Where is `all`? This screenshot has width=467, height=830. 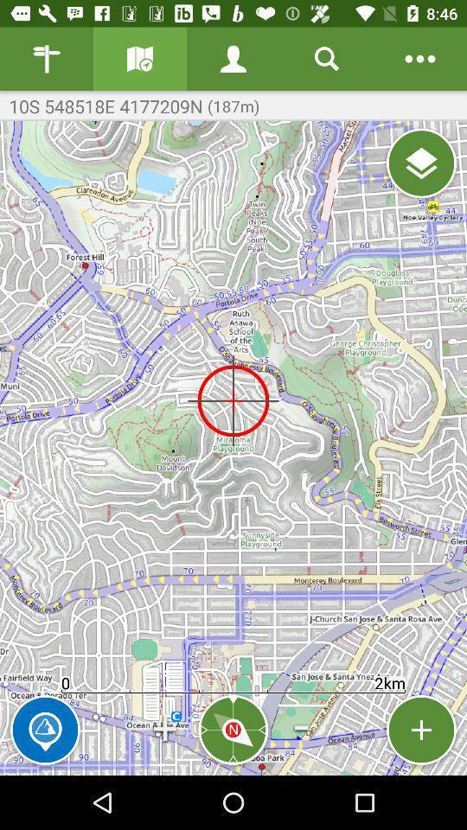
all is located at coordinates (420, 163).